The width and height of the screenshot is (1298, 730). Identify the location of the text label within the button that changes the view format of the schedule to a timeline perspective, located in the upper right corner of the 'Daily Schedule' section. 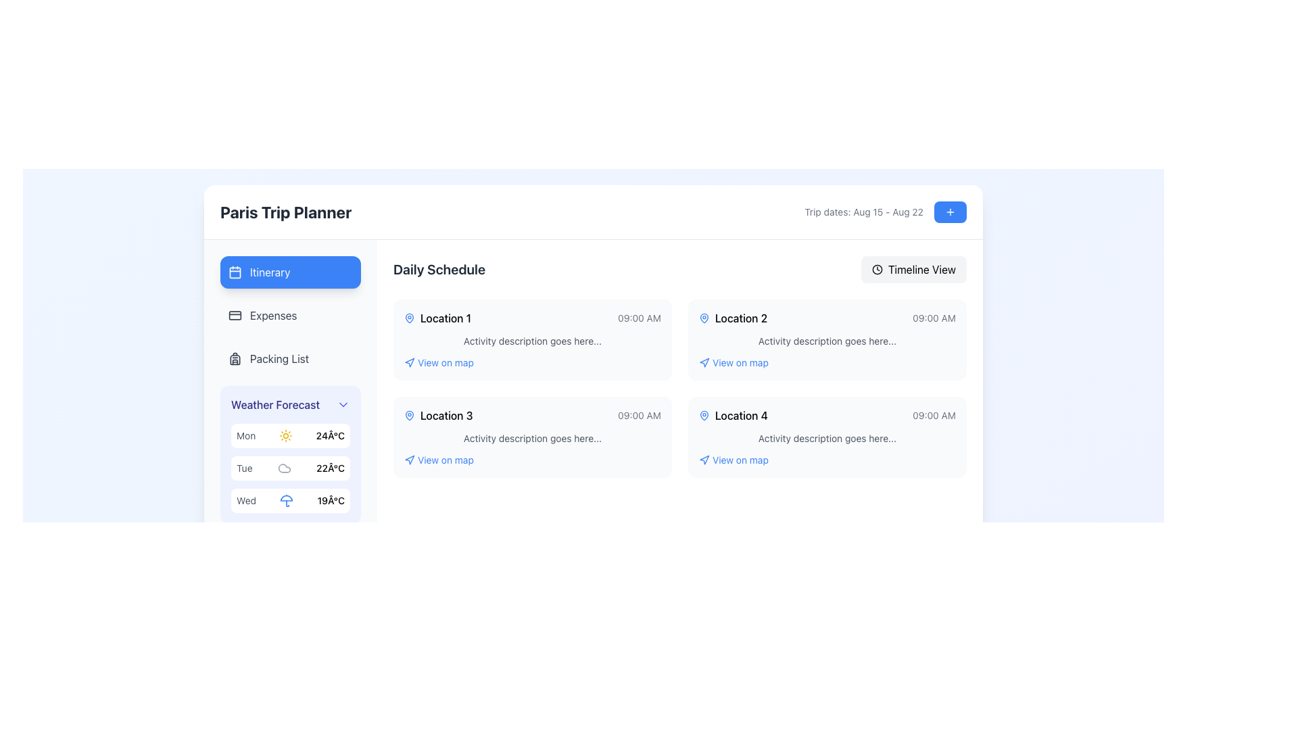
(921, 269).